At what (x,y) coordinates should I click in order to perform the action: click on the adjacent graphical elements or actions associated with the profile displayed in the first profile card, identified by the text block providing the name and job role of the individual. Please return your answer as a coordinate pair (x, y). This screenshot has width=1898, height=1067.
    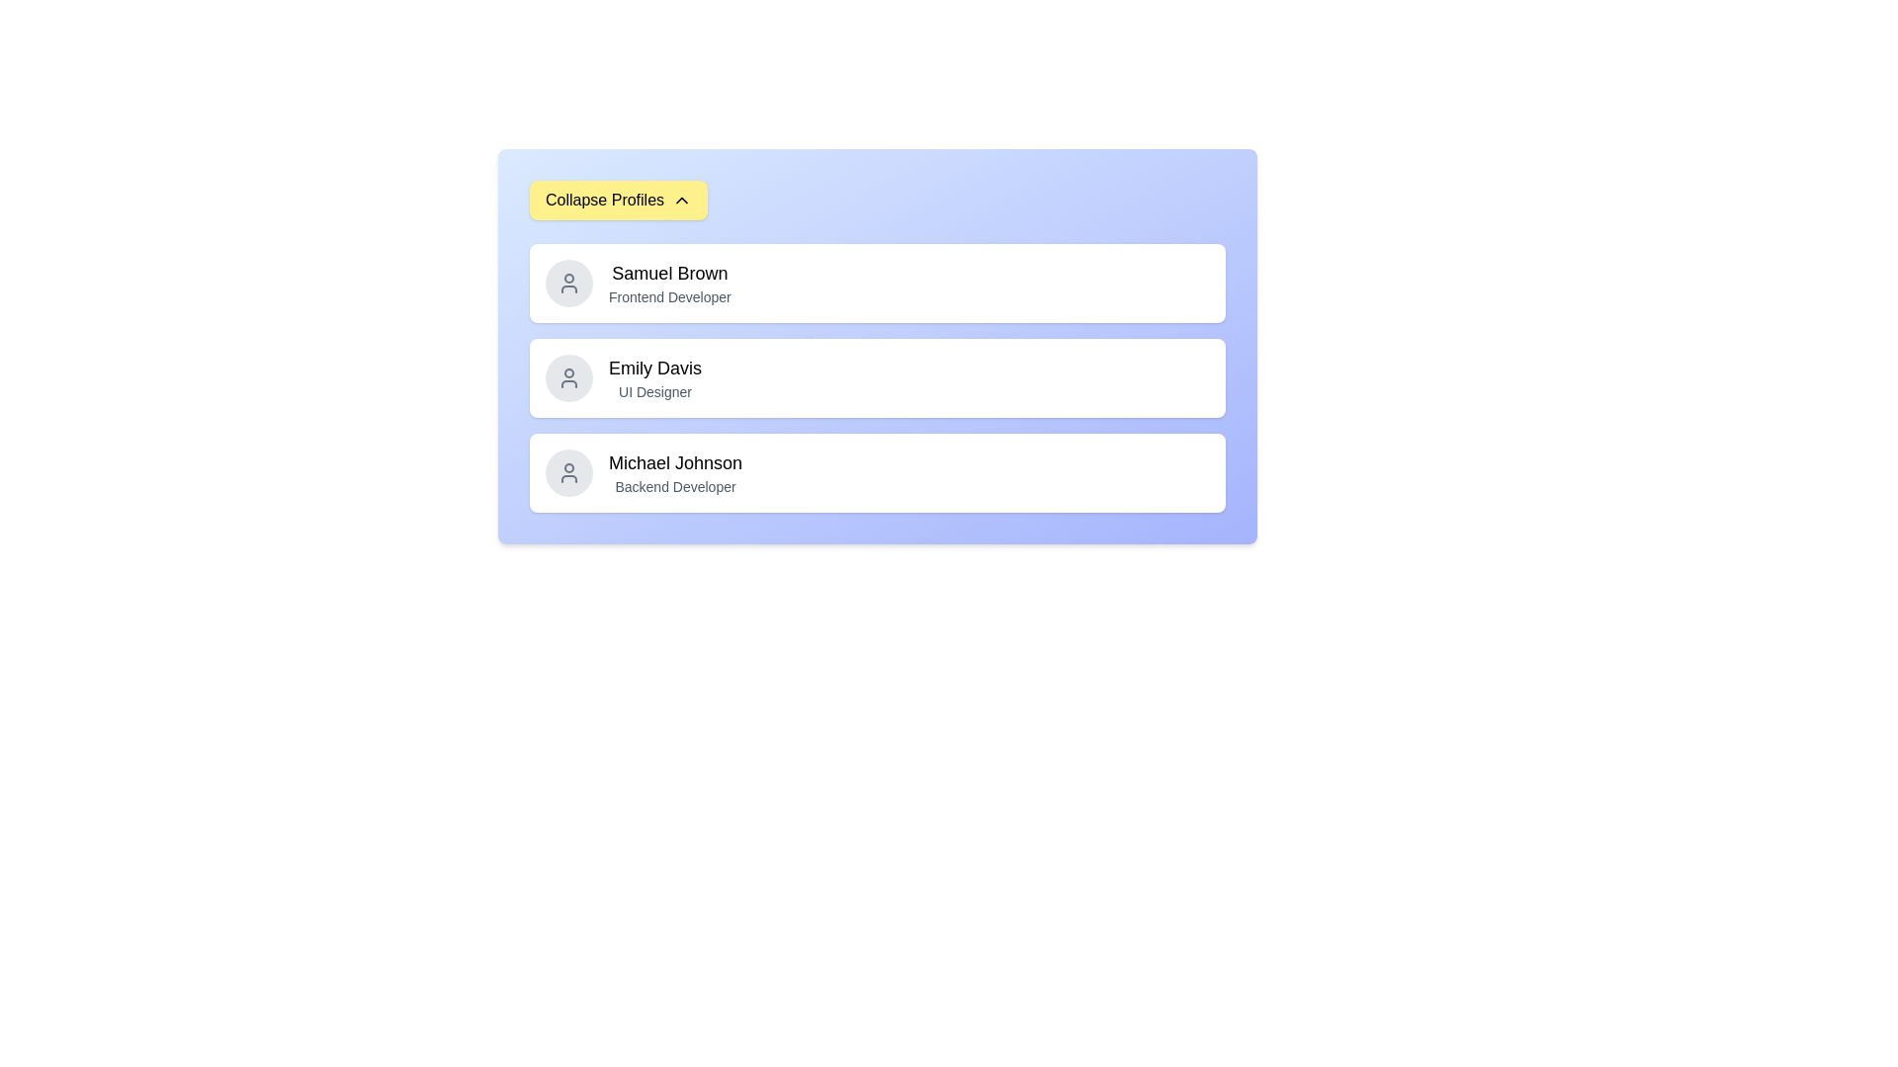
    Looking at the image, I should click on (669, 283).